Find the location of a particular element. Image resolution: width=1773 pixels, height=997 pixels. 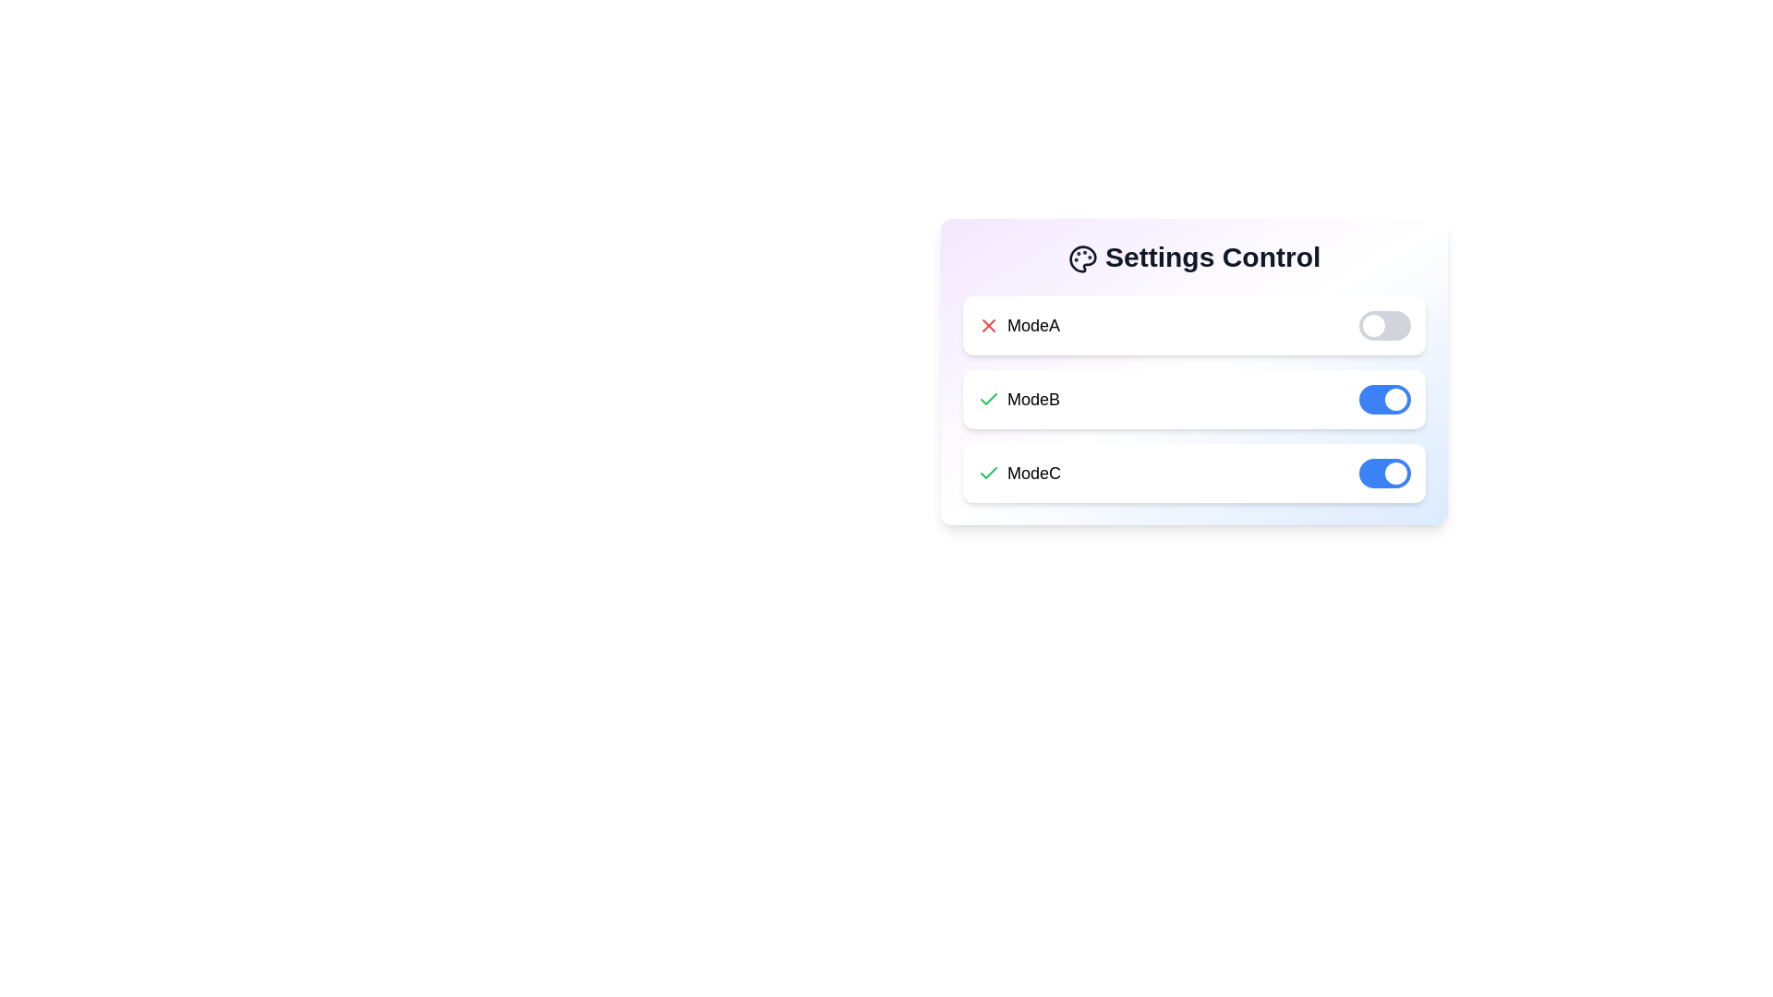

the toggle switch for 'ModeC' in the settings panel is located at coordinates (1384, 473).